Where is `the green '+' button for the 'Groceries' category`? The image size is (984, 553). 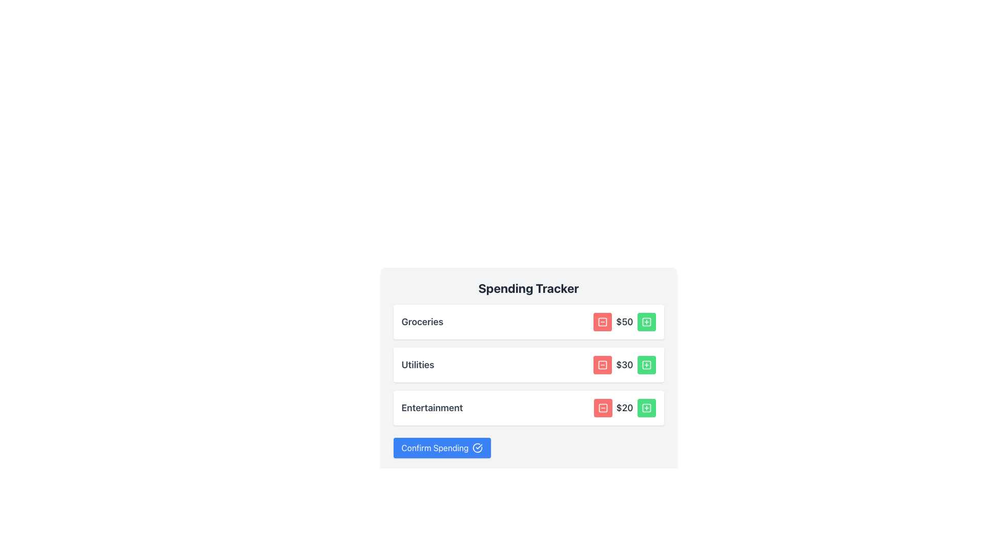
the green '+' button for the 'Groceries' category is located at coordinates (646, 321).